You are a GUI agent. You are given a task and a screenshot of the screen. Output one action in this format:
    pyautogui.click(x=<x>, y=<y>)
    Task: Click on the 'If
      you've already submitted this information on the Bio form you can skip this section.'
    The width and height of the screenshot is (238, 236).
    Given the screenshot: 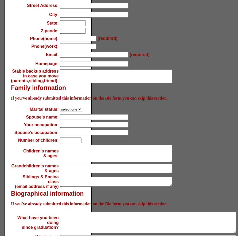 What is the action you would take?
    pyautogui.click(x=89, y=98)
    